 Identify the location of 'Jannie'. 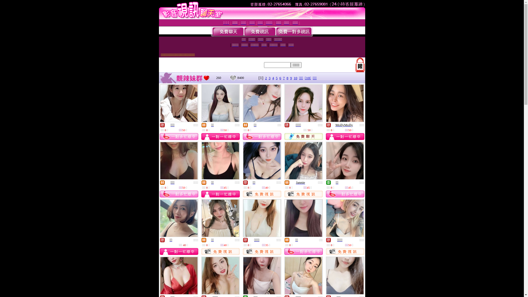
(300, 182).